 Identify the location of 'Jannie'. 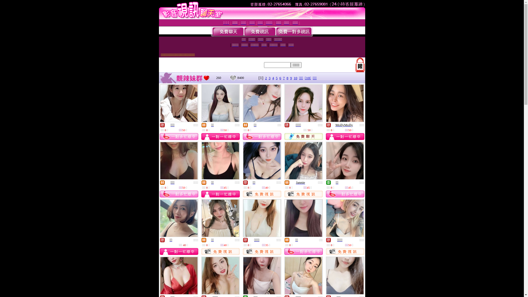
(300, 182).